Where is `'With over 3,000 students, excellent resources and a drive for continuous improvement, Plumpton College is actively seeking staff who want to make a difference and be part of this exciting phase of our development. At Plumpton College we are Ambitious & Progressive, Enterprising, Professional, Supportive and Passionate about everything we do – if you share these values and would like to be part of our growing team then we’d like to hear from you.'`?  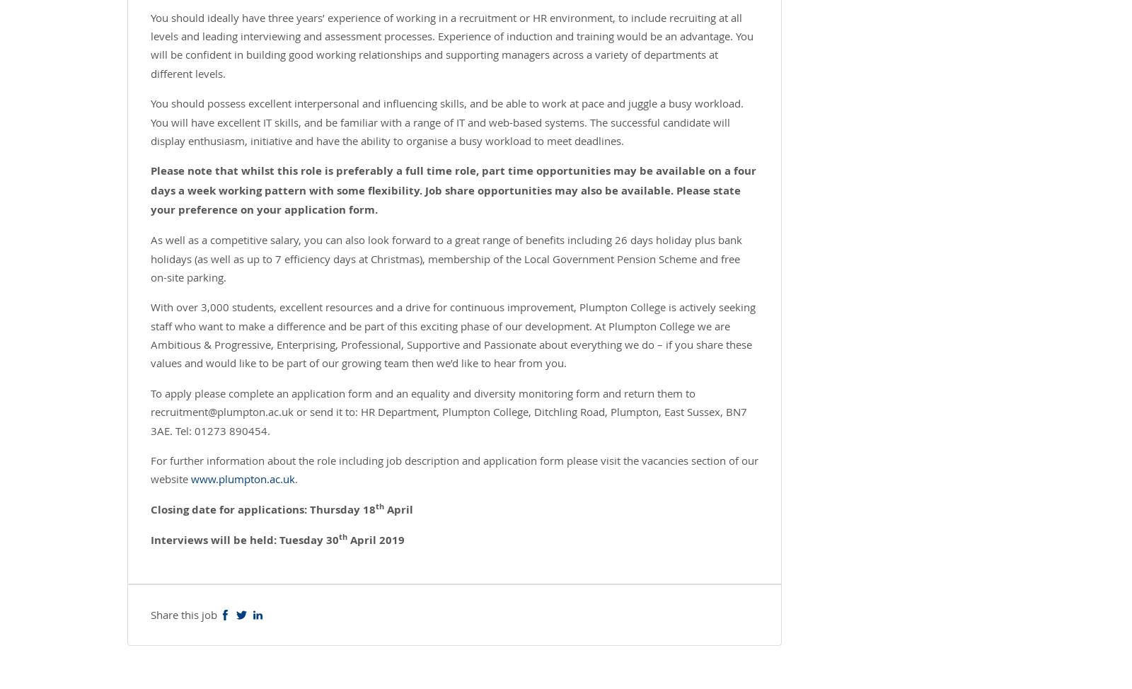
'With over 3,000 students, excellent resources and a drive for continuous improvement, Plumpton College is actively seeking staff who want to make a difference and be part of this exciting phase of our development. At Plumpton College we are Ambitious & Progressive, Enterprising, Professional, Supportive and Passionate about everything we do – if you share these values and would like to be part of our growing team then we’d like to hear from you.' is located at coordinates (453, 334).